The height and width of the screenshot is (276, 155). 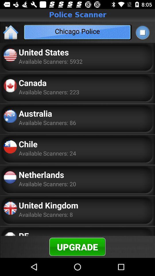 What do you see at coordinates (142, 32) in the screenshot?
I see `stop current` at bounding box center [142, 32].